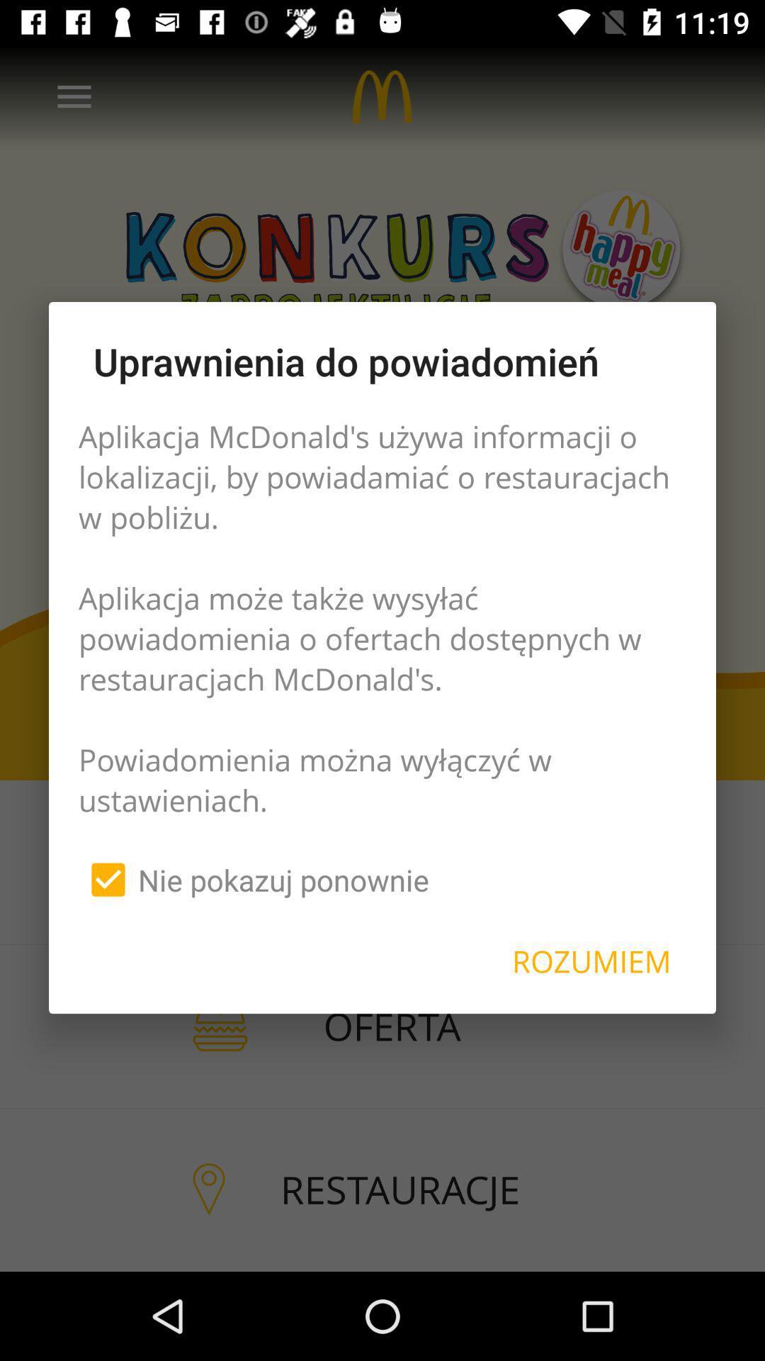 This screenshot has width=765, height=1361. Describe the element at coordinates (253, 879) in the screenshot. I see `the nie pokazuj ponownie item` at that location.